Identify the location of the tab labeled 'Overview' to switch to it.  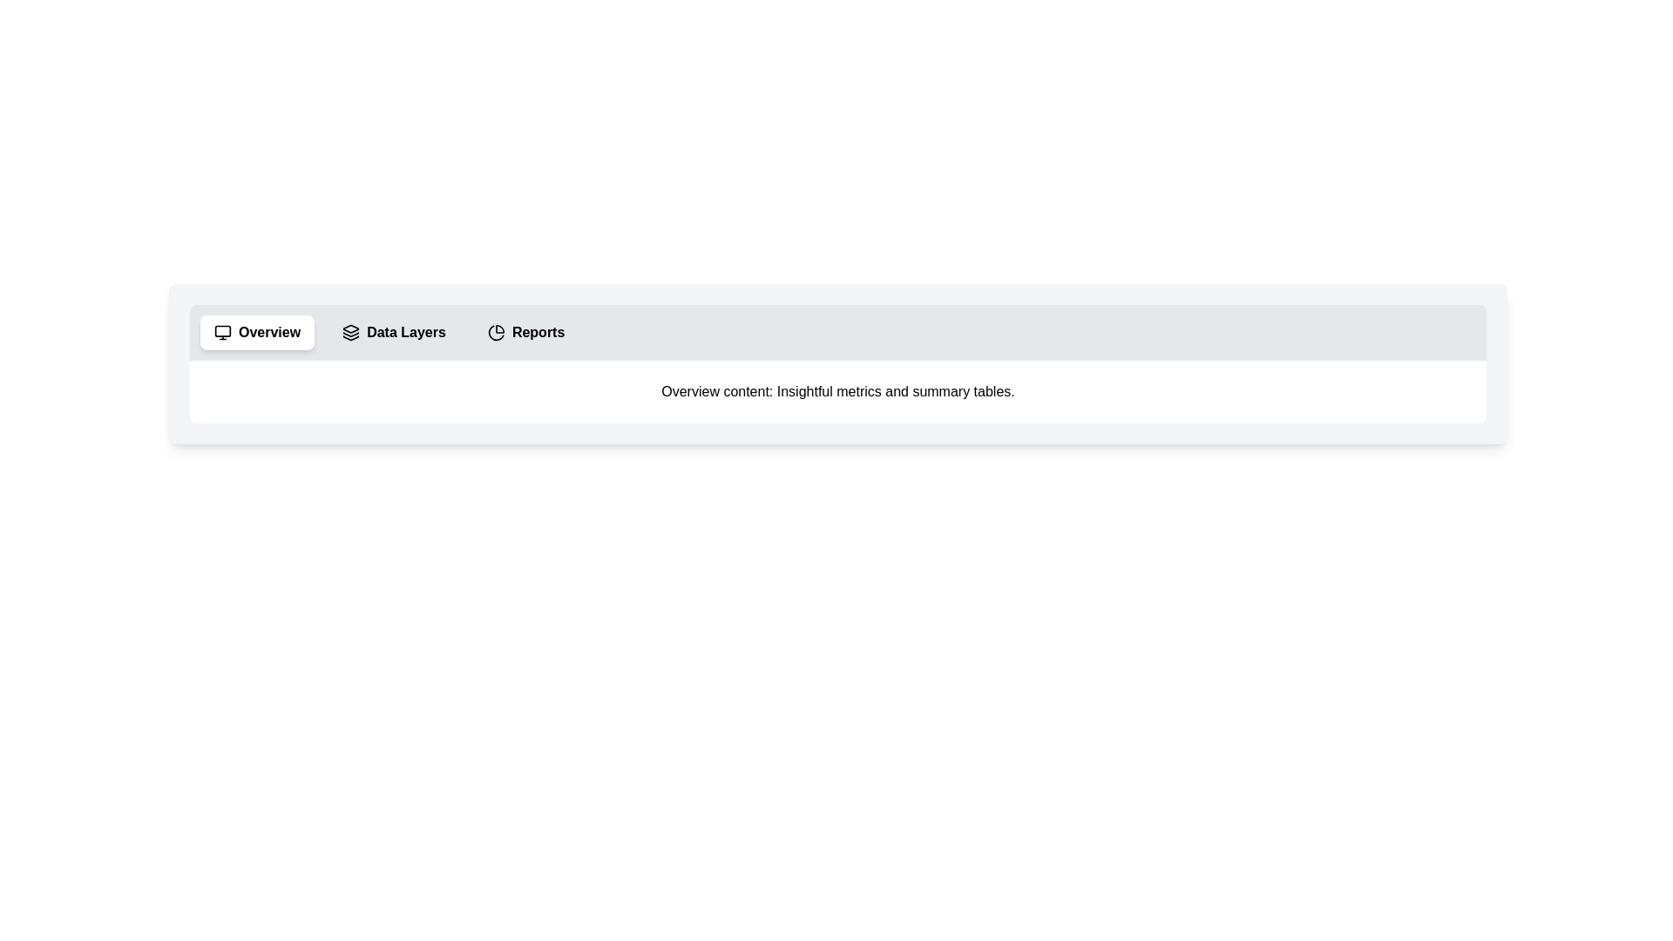
(255, 332).